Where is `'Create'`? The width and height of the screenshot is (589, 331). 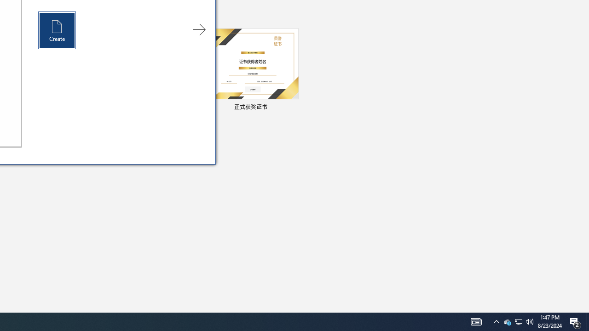
'Create' is located at coordinates (57, 30).